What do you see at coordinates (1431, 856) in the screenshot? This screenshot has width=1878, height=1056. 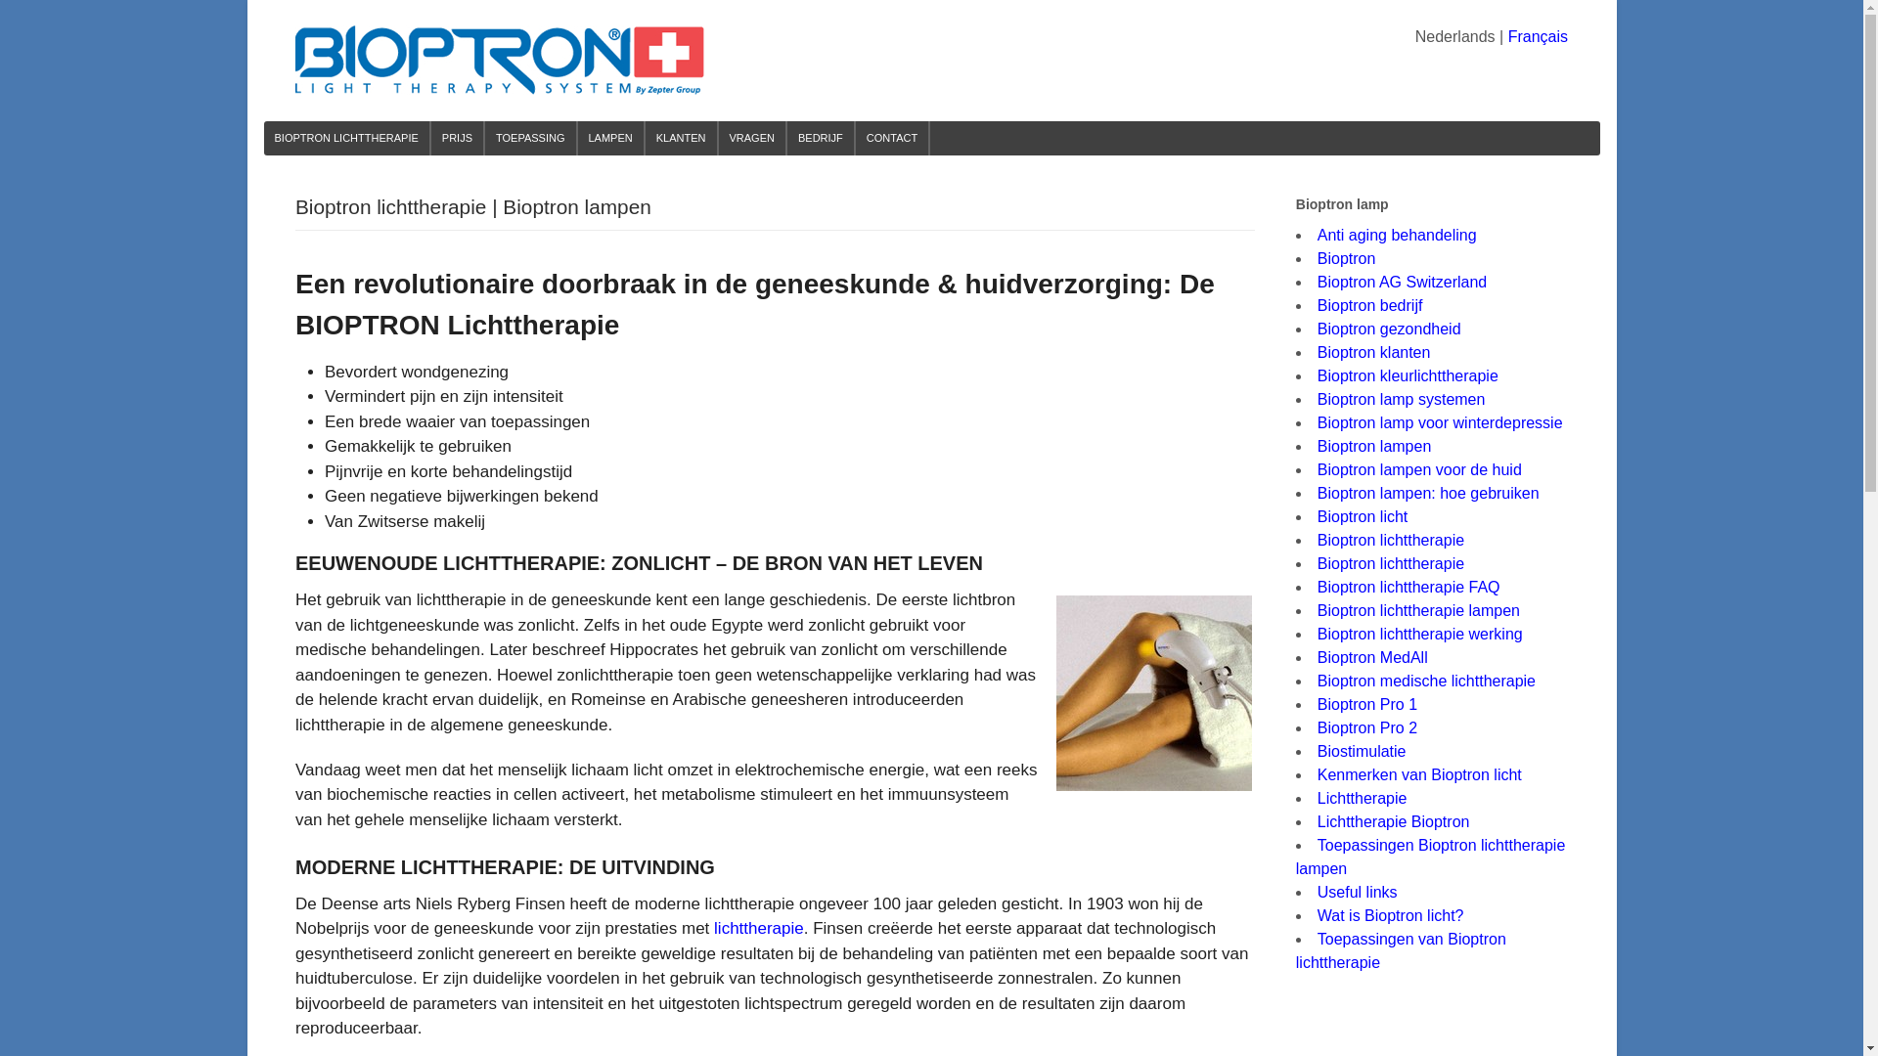 I see `'Toepassingen Bioptron lichttherapie lampen'` at bounding box center [1431, 856].